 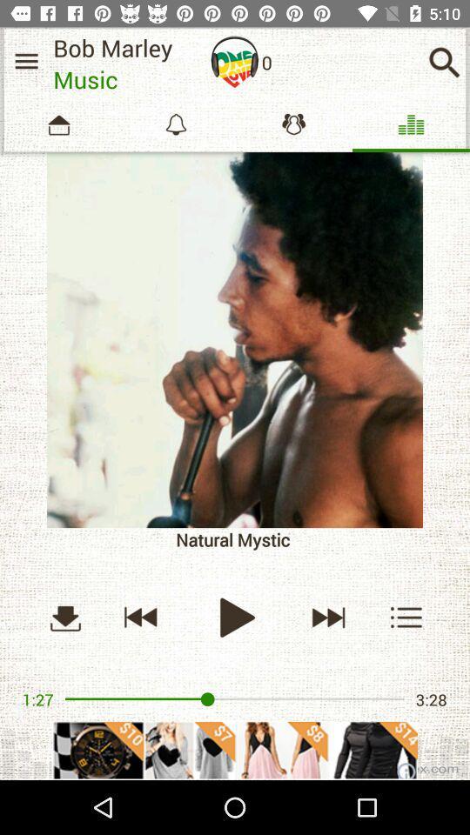 What do you see at coordinates (327, 617) in the screenshot?
I see `the skip_next icon` at bounding box center [327, 617].